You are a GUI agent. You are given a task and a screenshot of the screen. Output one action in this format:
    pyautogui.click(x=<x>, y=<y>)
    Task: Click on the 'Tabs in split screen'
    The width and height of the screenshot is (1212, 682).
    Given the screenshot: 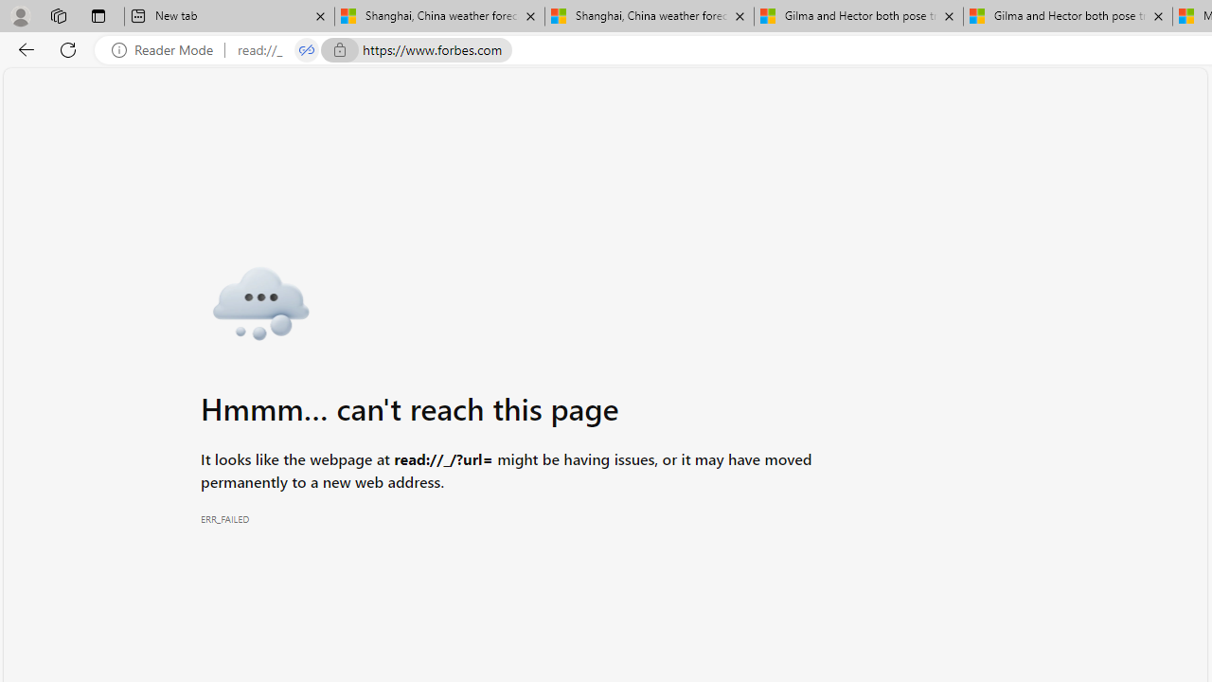 What is the action you would take?
    pyautogui.click(x=306, y=49)
    